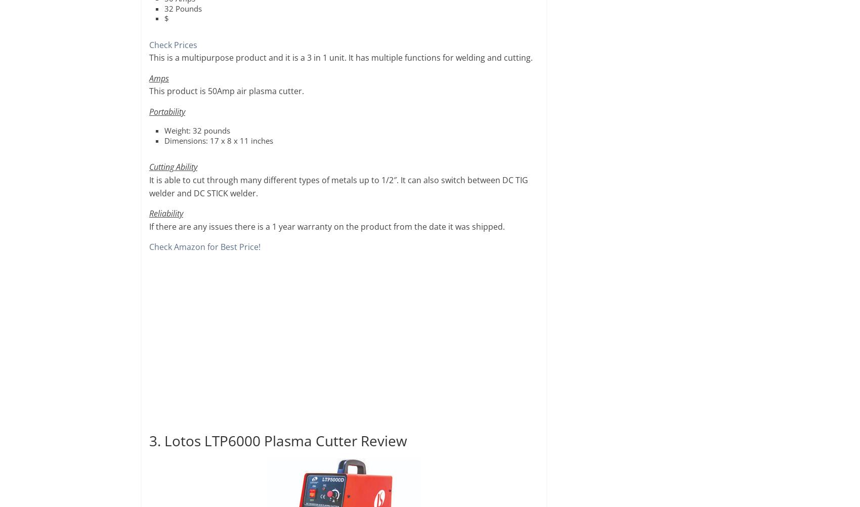 This screenshot has height=507, width=860. I want to click on 'This is a multipurpose product and it is a 3 in 1 unit. It has multiple functions for welding and cutting.', so click(149, 57).